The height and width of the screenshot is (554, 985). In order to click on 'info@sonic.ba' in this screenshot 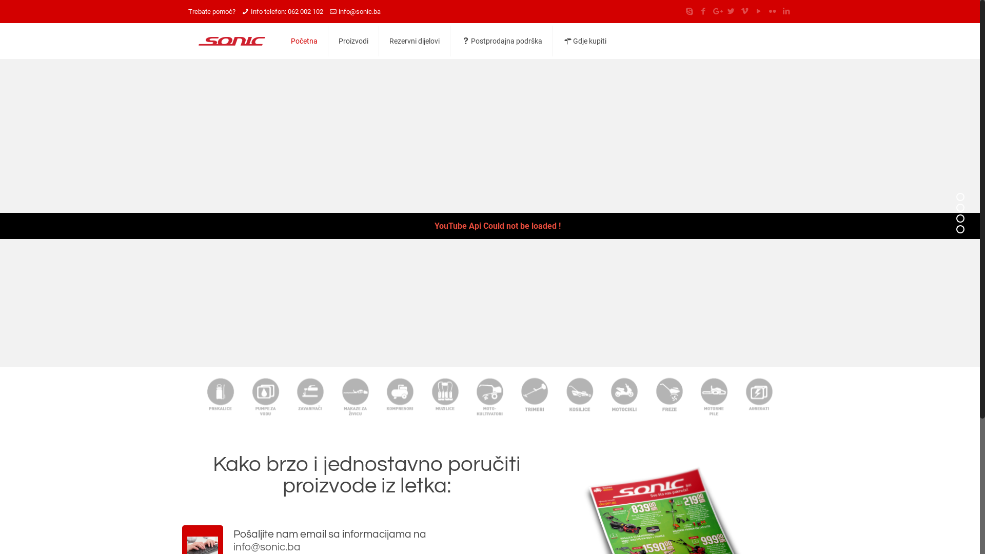, I will do `click(359, 11)`.